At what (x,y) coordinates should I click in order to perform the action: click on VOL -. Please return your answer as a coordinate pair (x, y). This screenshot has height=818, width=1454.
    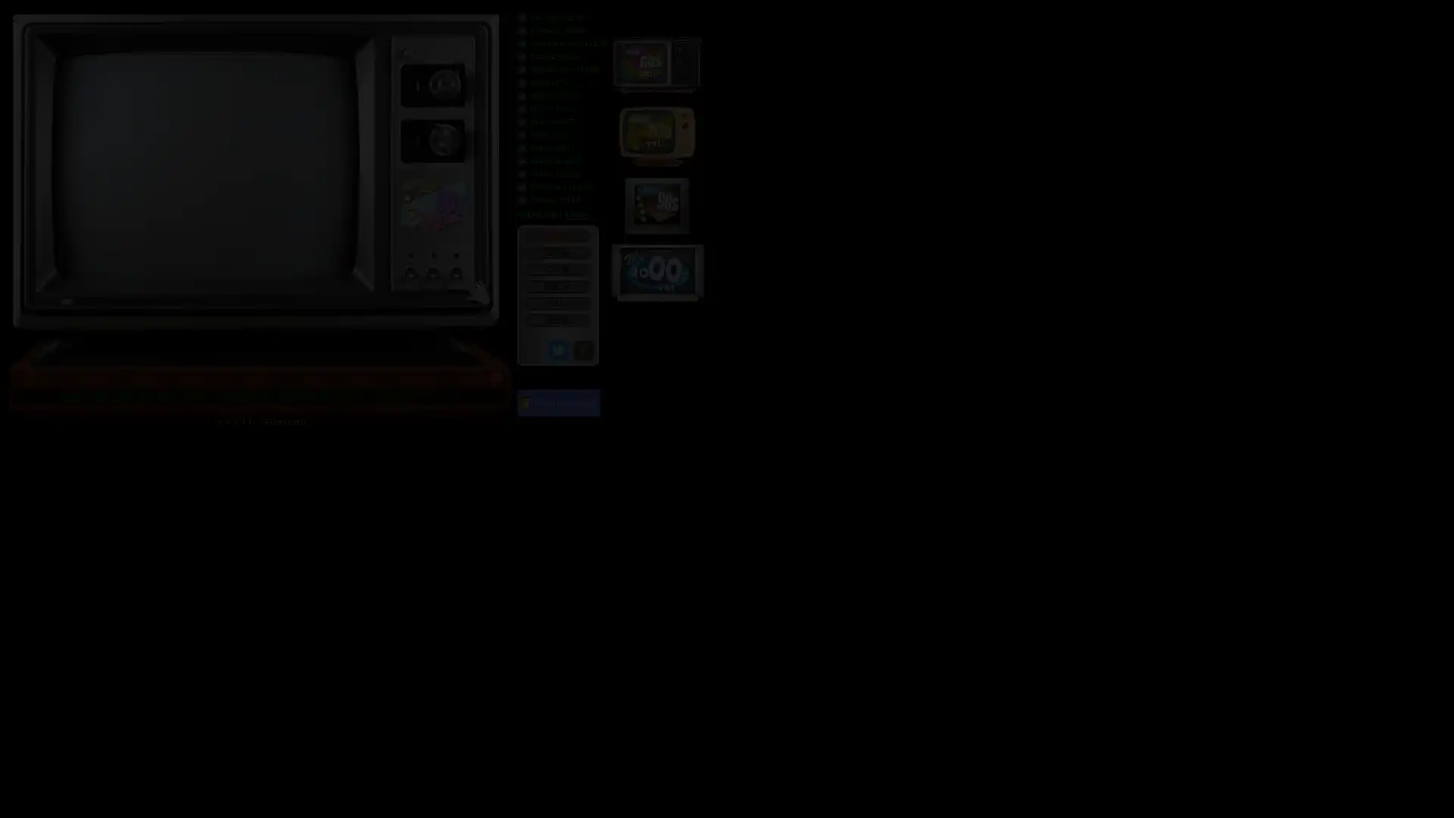
    Looking at the image, I should click on (556, 303).